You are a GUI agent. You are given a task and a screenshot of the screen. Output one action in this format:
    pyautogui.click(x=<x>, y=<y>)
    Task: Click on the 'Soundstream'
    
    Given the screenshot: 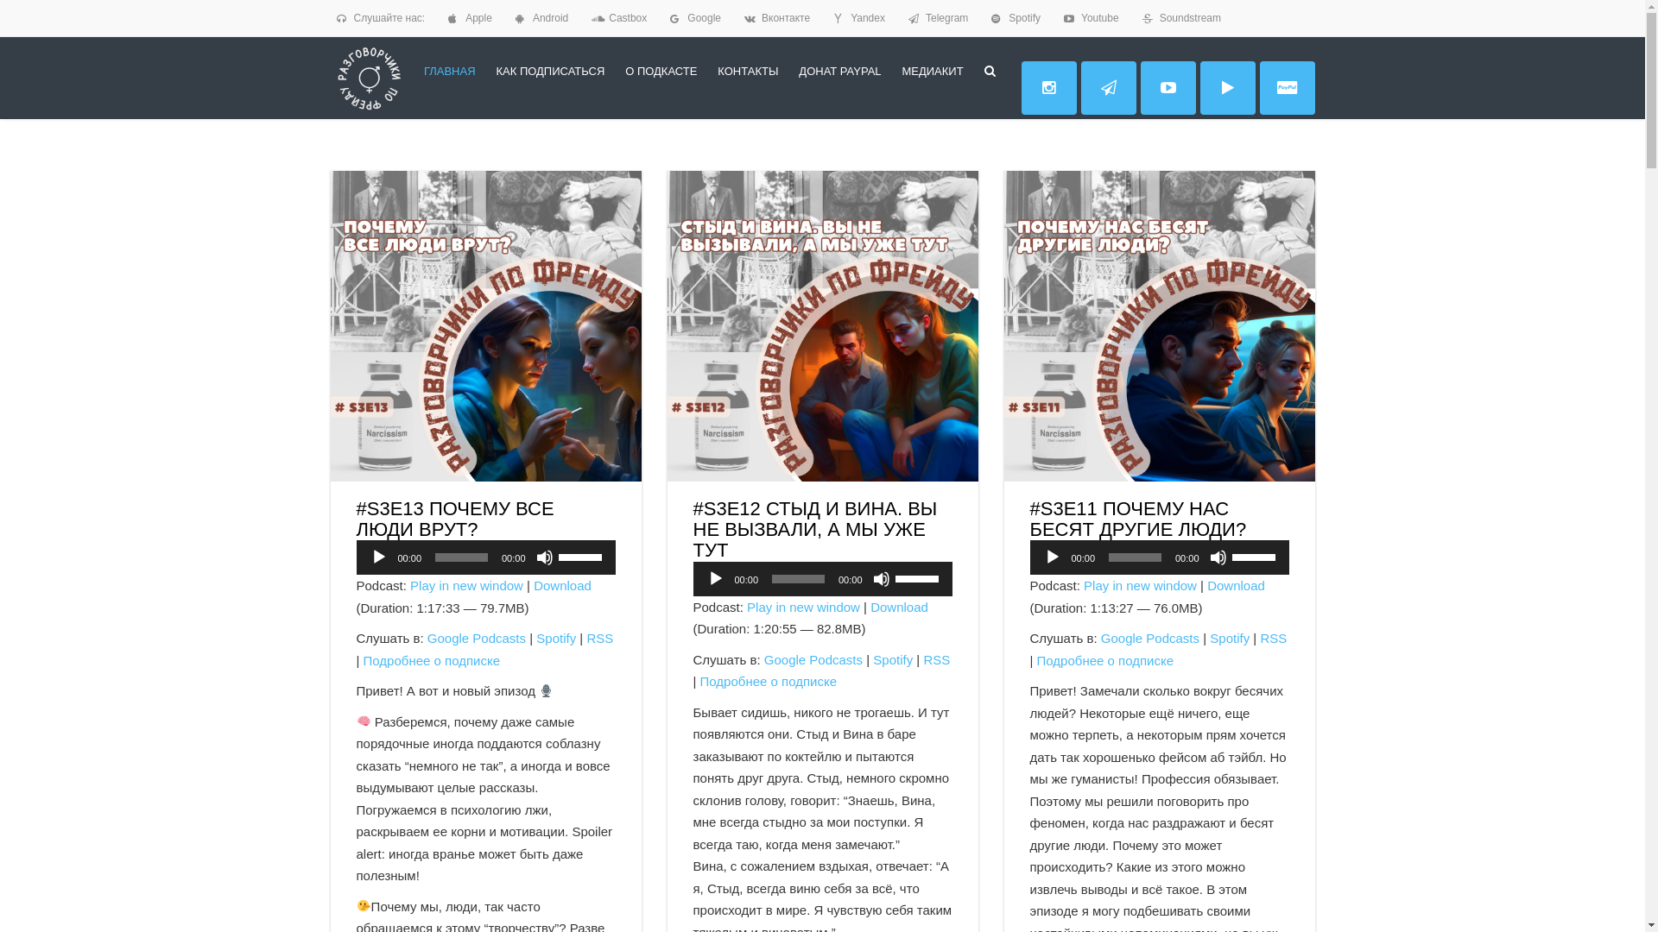 What is the action you would take?
    pyautogui.click(x=1189, y=17)
    